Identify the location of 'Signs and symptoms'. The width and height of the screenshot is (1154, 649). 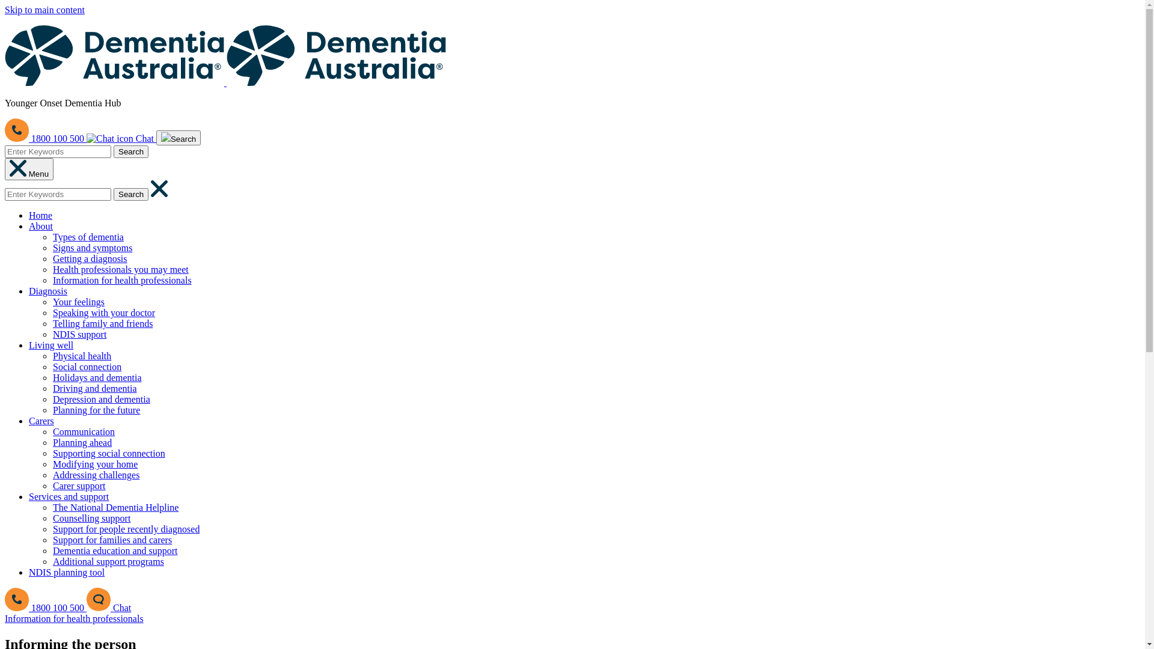
(91, 247).